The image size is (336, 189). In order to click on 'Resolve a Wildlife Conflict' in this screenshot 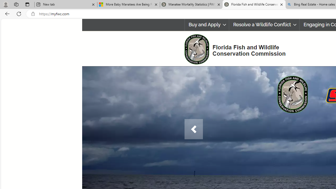, I will do `click(264, 25)`.